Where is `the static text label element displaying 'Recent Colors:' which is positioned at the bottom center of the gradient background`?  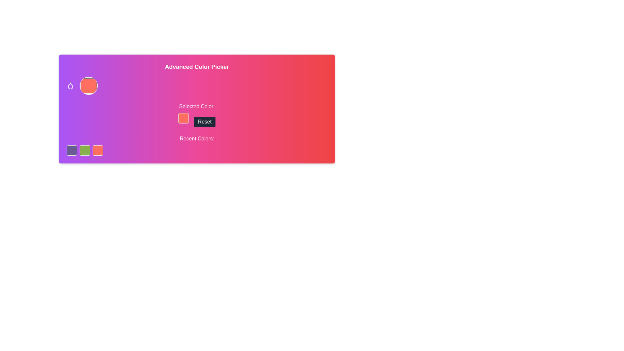 the static text label element displaying 'Recent Colors:' which is positioned at the bottom center of the gradient background is located at coordinates (196, 138).